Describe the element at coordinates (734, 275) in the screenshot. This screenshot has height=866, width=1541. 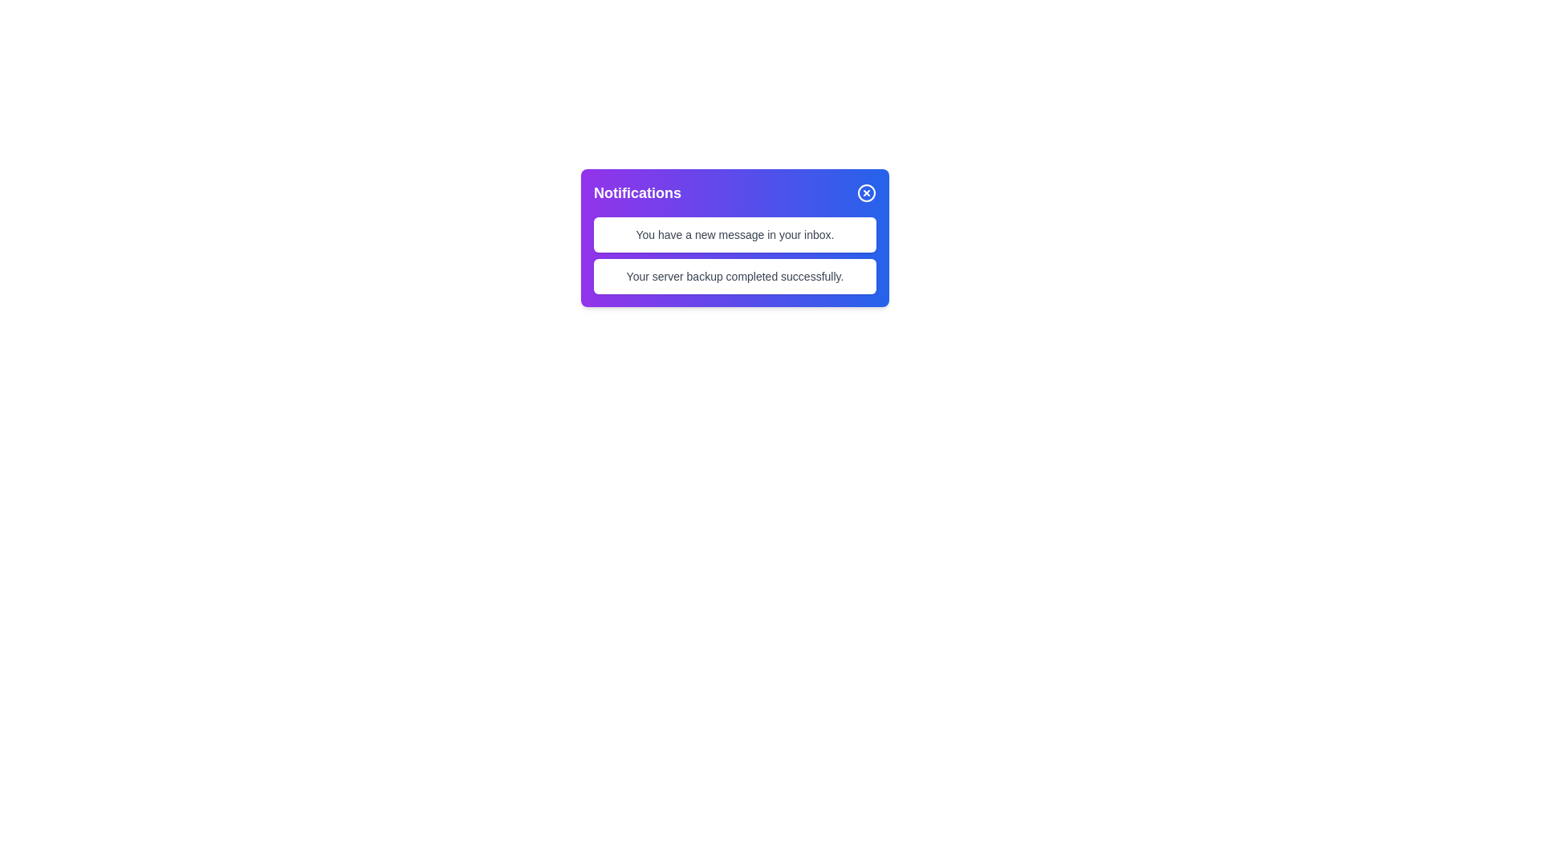
I see `notification message displayed in the second item of the notification area indicating that the server backup operation was completed successfully` at that location.